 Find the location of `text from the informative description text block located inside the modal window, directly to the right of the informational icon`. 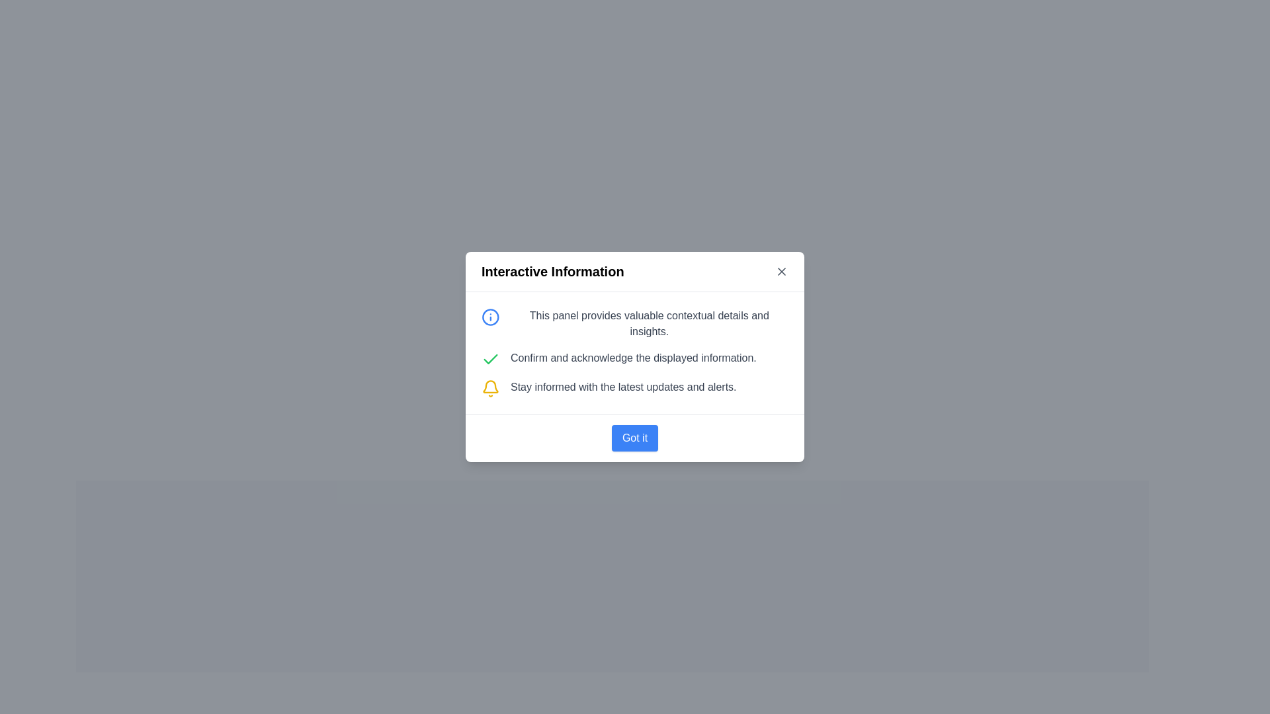

text from the informative description text block located inside the modal window, directly to the right of the informational icon is located at coordinates (649, 323).